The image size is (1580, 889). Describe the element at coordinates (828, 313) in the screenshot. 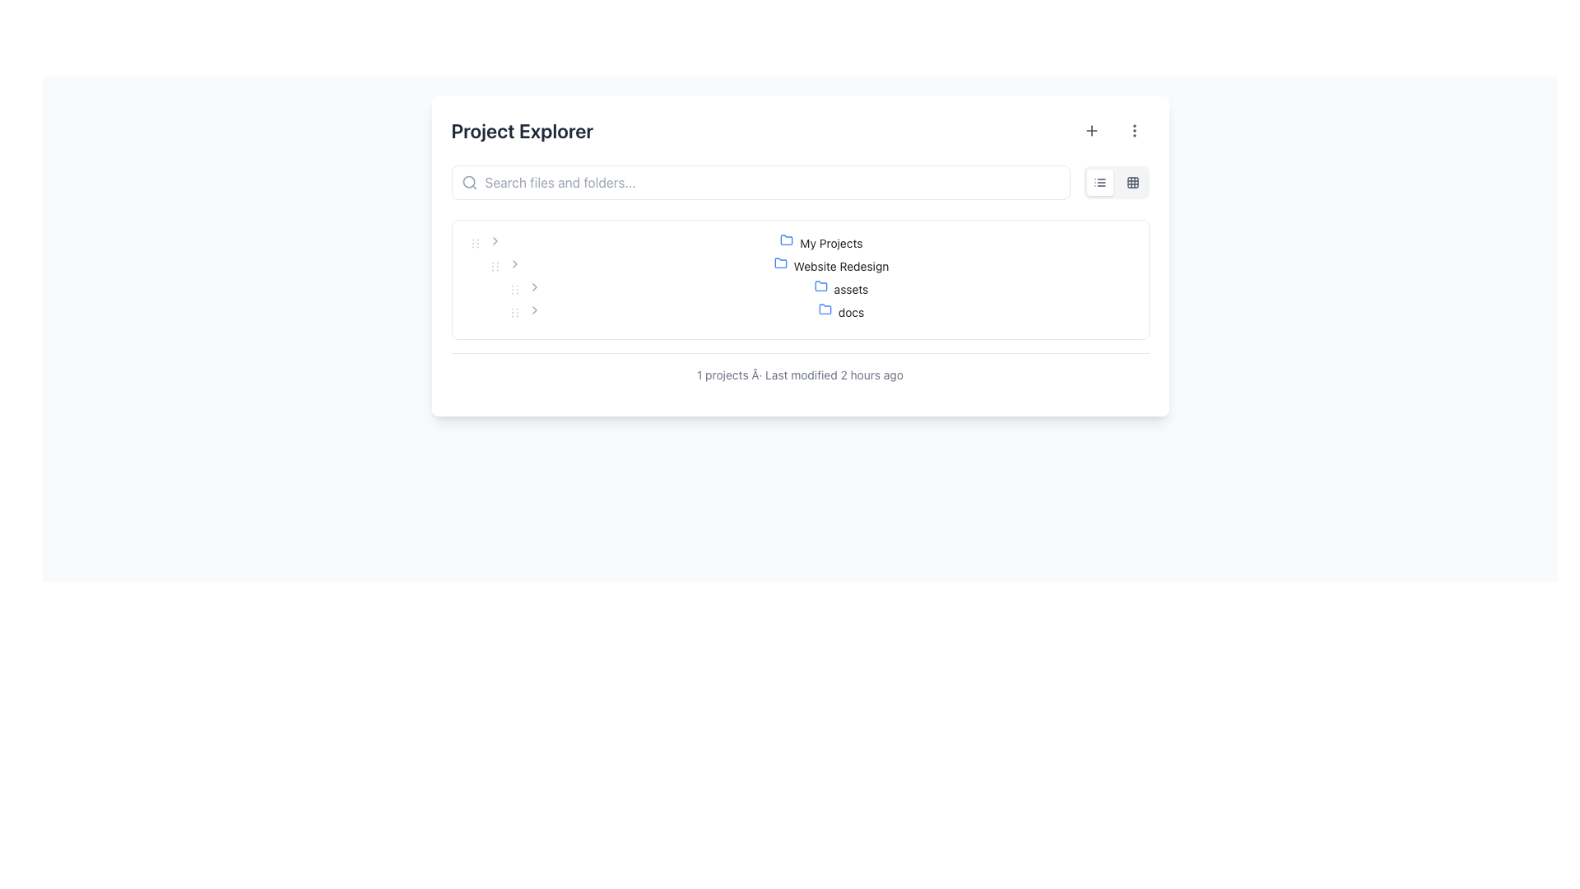

I see `the blue folder icon with thin lines and a slight shadow, located to the left of the 'docs' label` at that location.